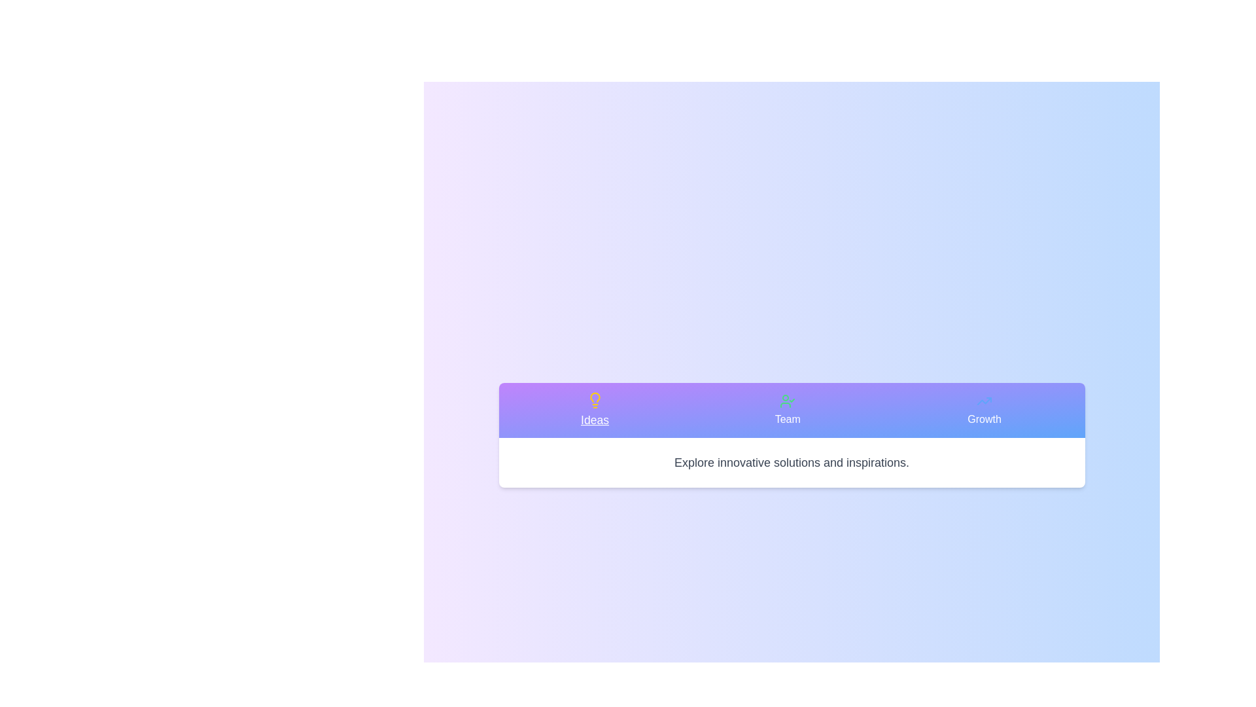 The width and height of the screenshot is (1256, 707). I want to click on the tab labeled Ideas, so click(594, 410).